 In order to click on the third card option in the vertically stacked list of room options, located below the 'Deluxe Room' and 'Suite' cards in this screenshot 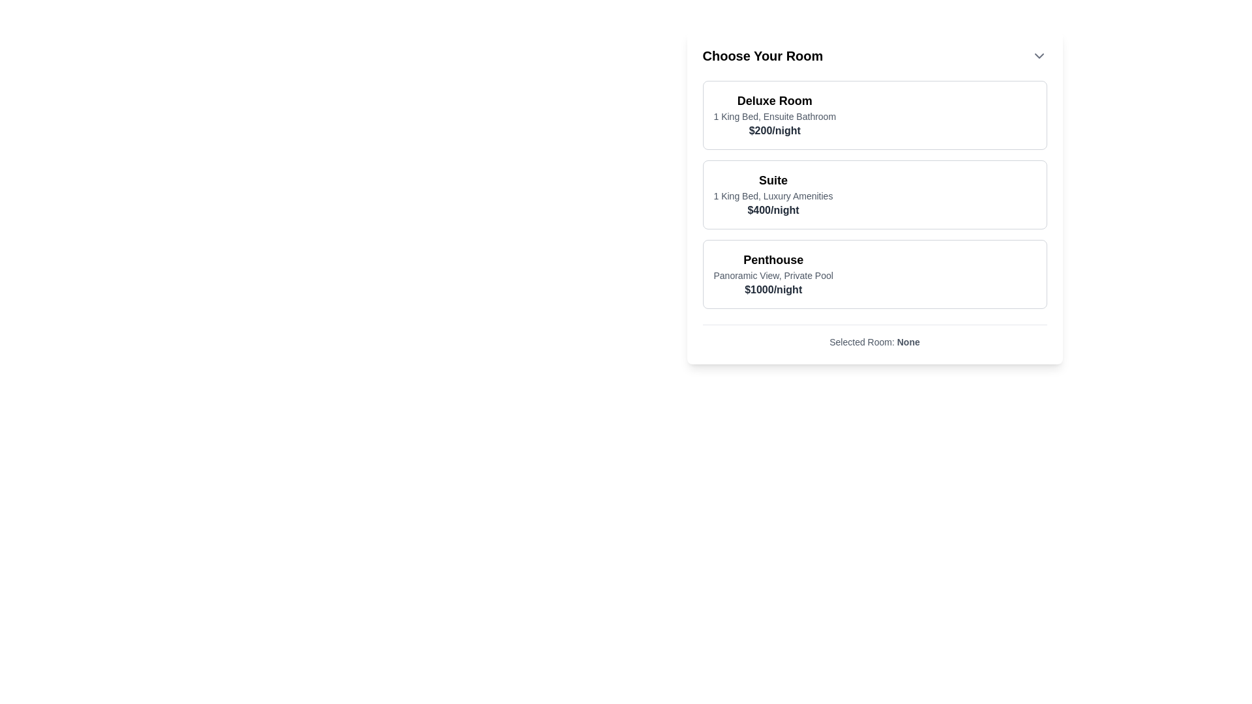, I will do `click(874, 273)`.